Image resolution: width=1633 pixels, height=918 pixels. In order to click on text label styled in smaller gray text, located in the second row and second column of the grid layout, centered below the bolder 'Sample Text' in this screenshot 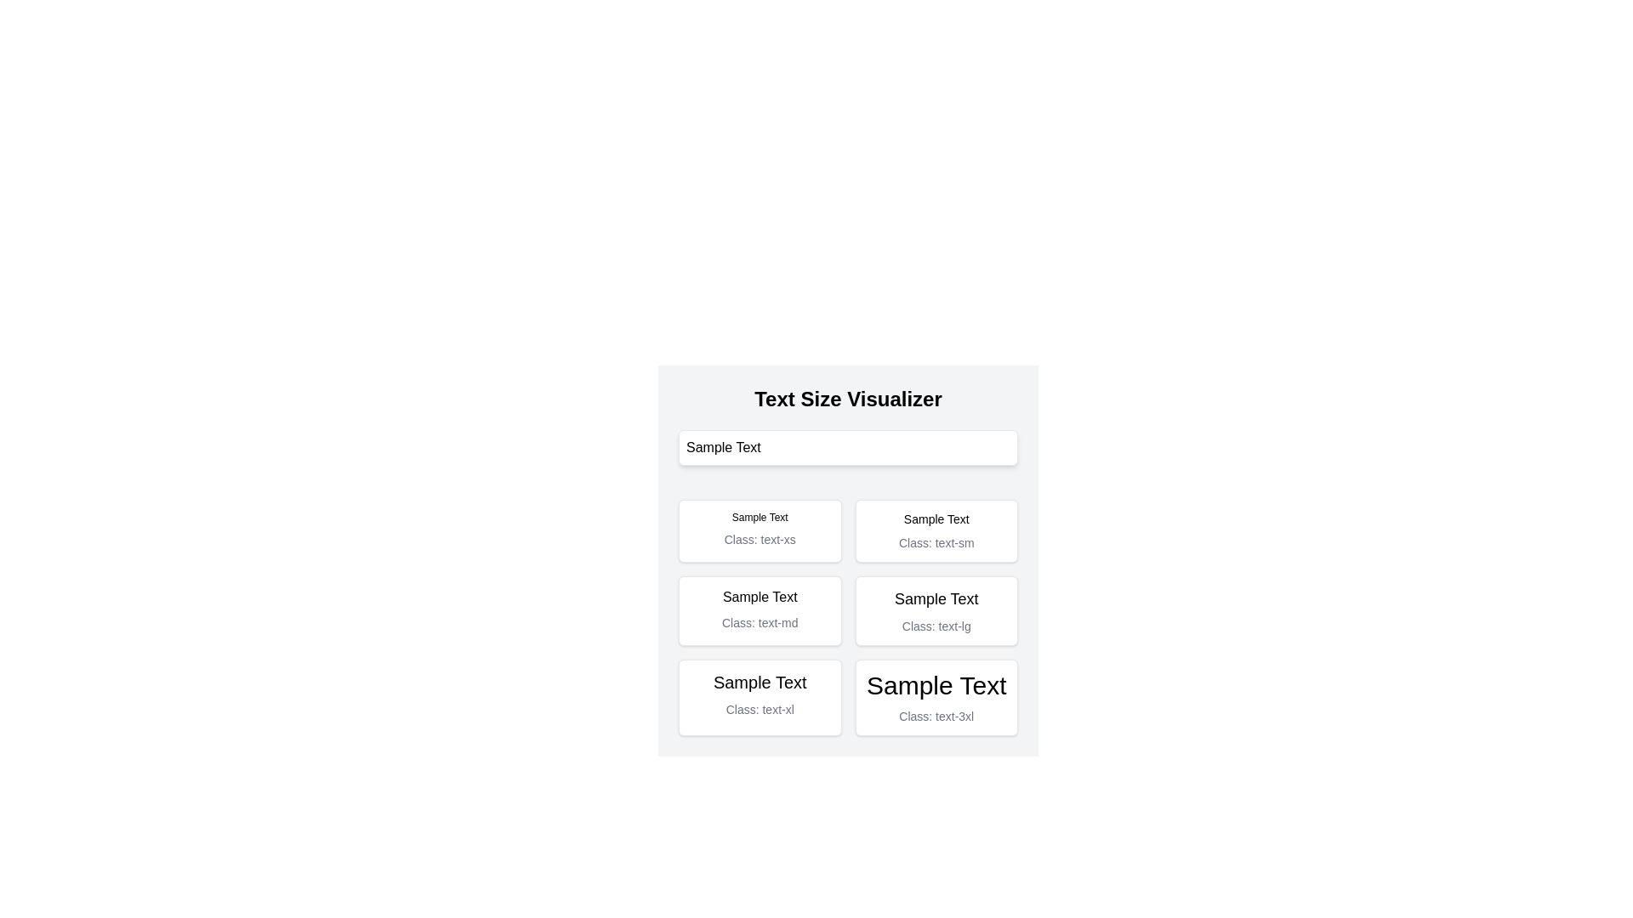, I will do `click(936, 543)`.